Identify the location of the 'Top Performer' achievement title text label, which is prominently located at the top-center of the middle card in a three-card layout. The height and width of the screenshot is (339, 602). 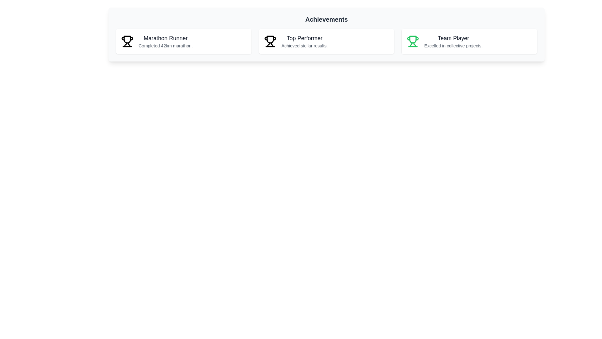
(304, 38).